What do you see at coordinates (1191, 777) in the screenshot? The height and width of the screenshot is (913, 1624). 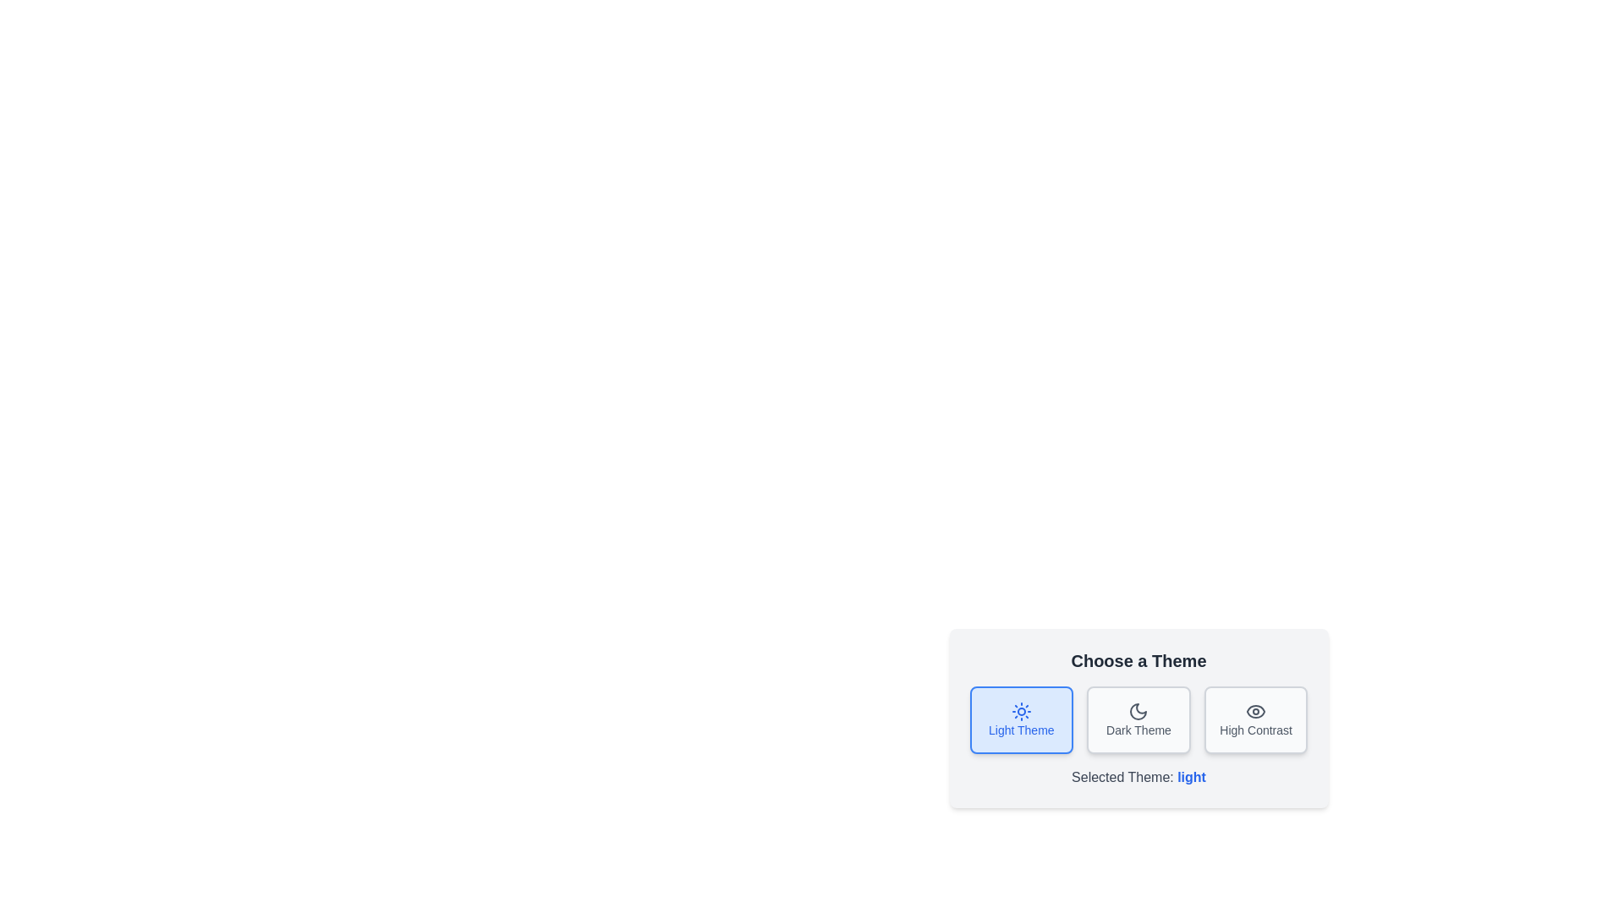 I see `the text content of the element displaying the selected theme` at bounding box center [1191, 777].